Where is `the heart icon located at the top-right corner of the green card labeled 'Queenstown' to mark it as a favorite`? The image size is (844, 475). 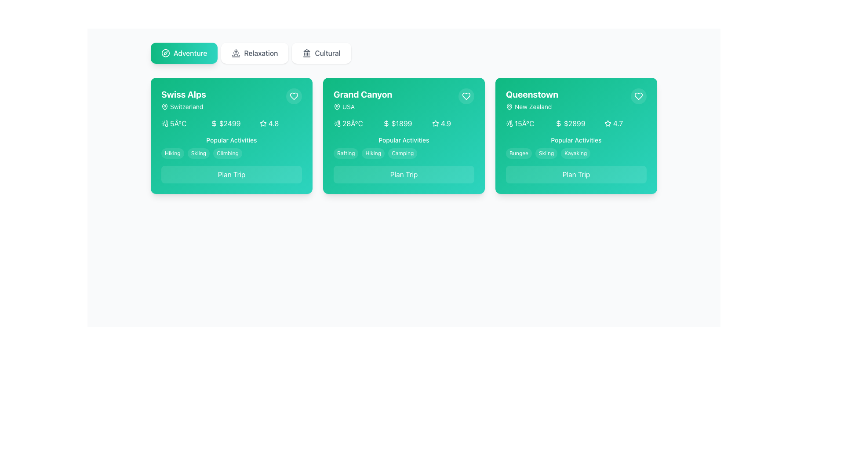 the heart icon located at the top-right corner of the green card labeled 'Queenstown' to mark it as a favorite is located at coordinates (639, 96).